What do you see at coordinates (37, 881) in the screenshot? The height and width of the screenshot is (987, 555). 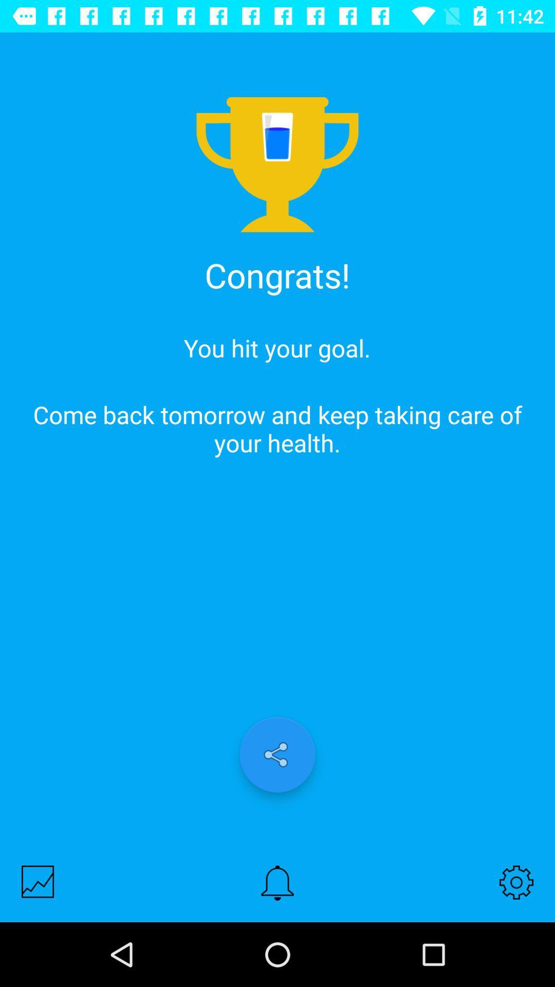 I see `good bye` at bounding box center [37, 881].